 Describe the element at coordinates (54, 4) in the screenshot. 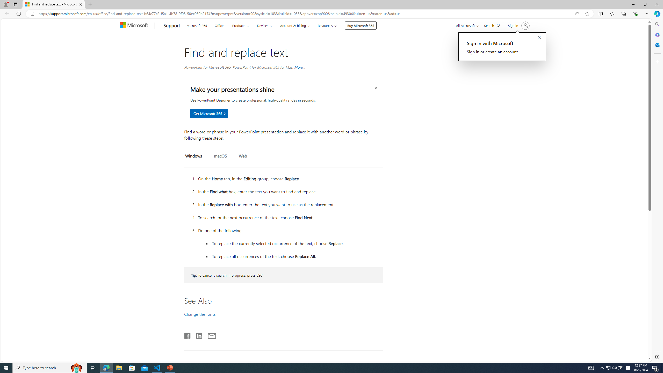

I see `'Find and replace text - Microsoft Support'` at that location.